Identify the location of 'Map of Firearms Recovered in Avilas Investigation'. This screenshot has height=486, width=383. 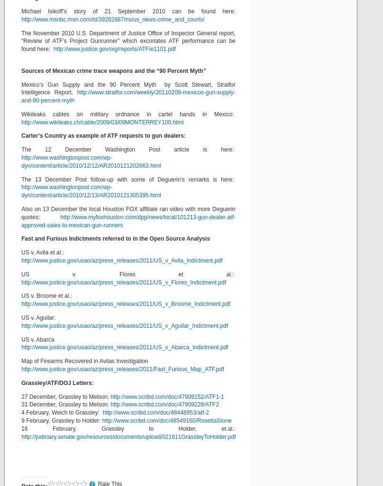
(84, 361).